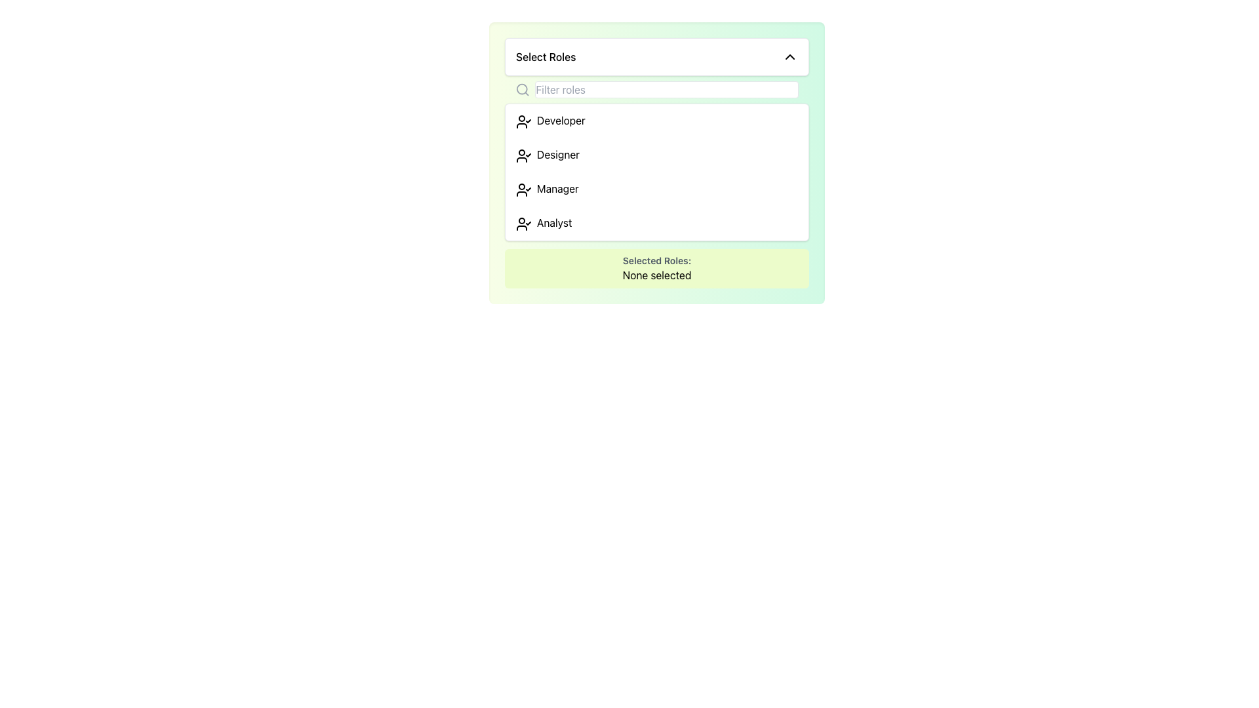 Image resolution: width=1259 pixels, height=708 pixels. What do you see at coordinates (544, 222) in the screenshot?
I see `the 'Analyst' text label in the dropdown list of roles` at bounding box center [544, 222].